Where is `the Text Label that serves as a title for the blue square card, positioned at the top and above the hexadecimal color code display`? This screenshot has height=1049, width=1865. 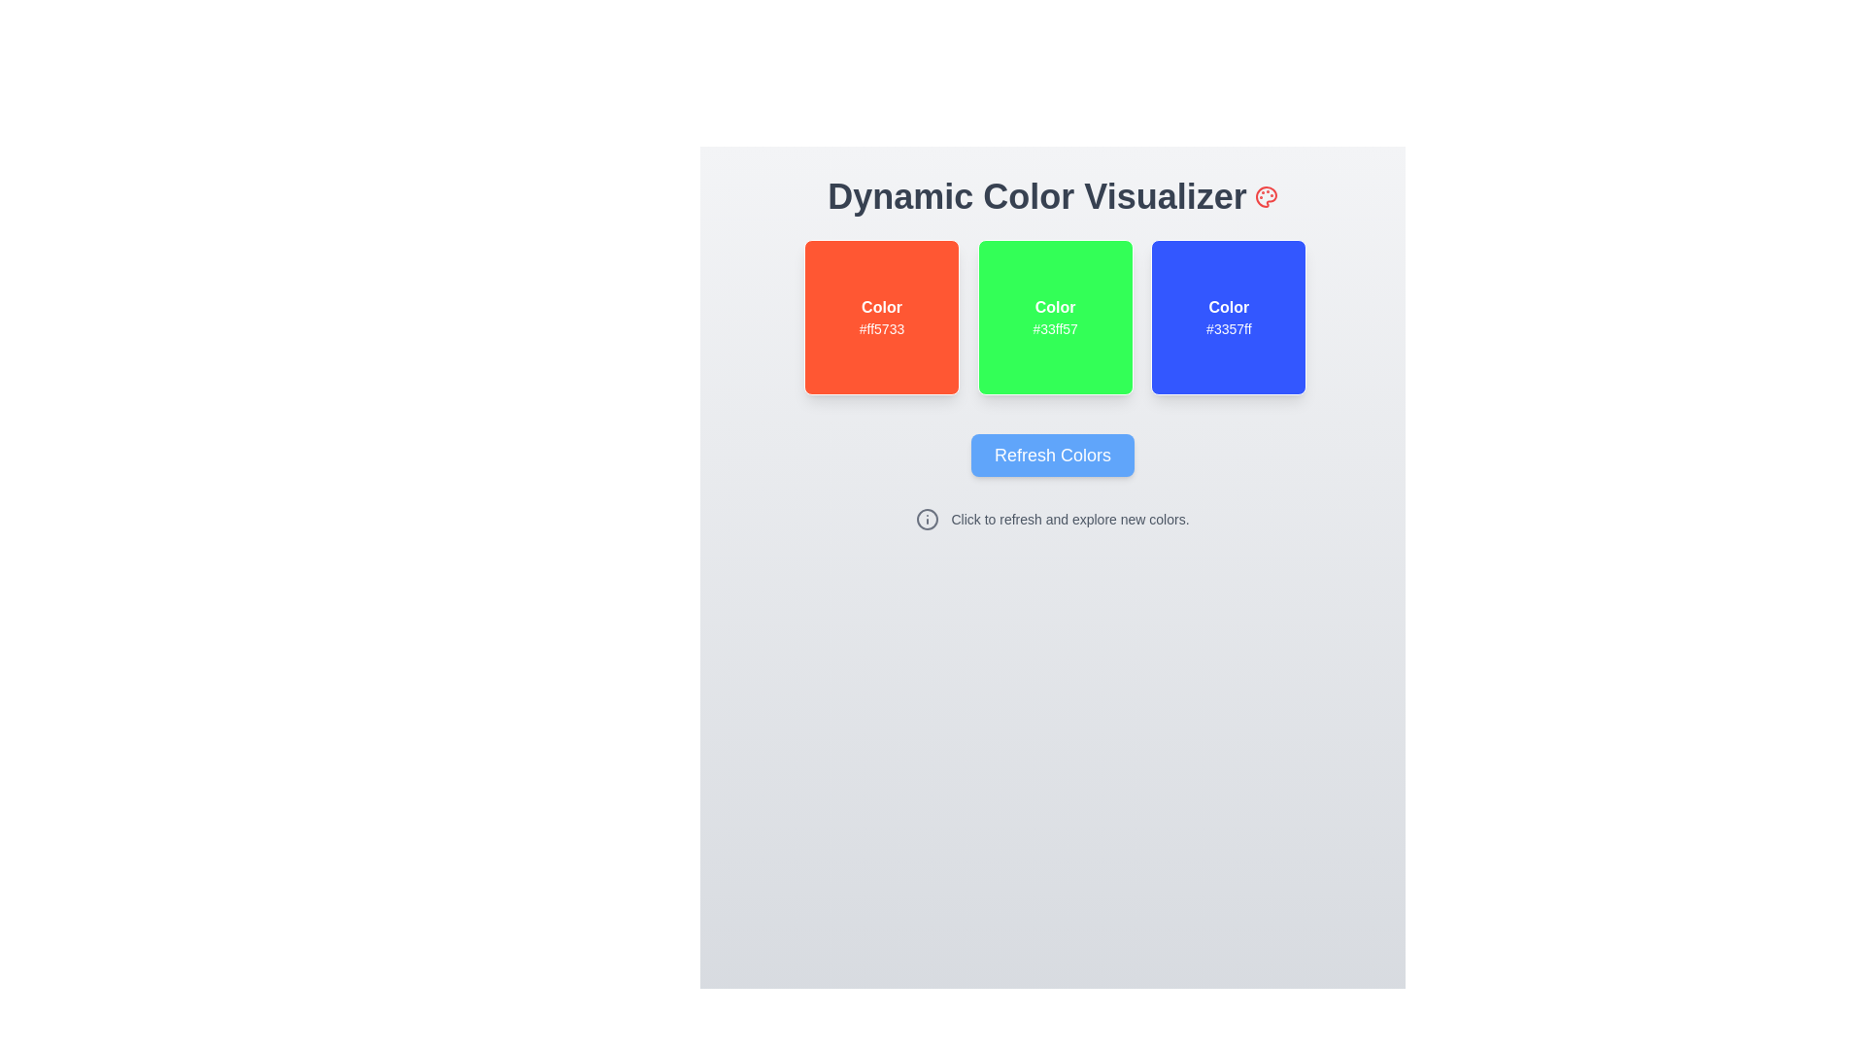 the Text Label that serves as a title for the blue square card, positioned at the top and above the hexadecimal color code display is located at coordinates (1228, 306).